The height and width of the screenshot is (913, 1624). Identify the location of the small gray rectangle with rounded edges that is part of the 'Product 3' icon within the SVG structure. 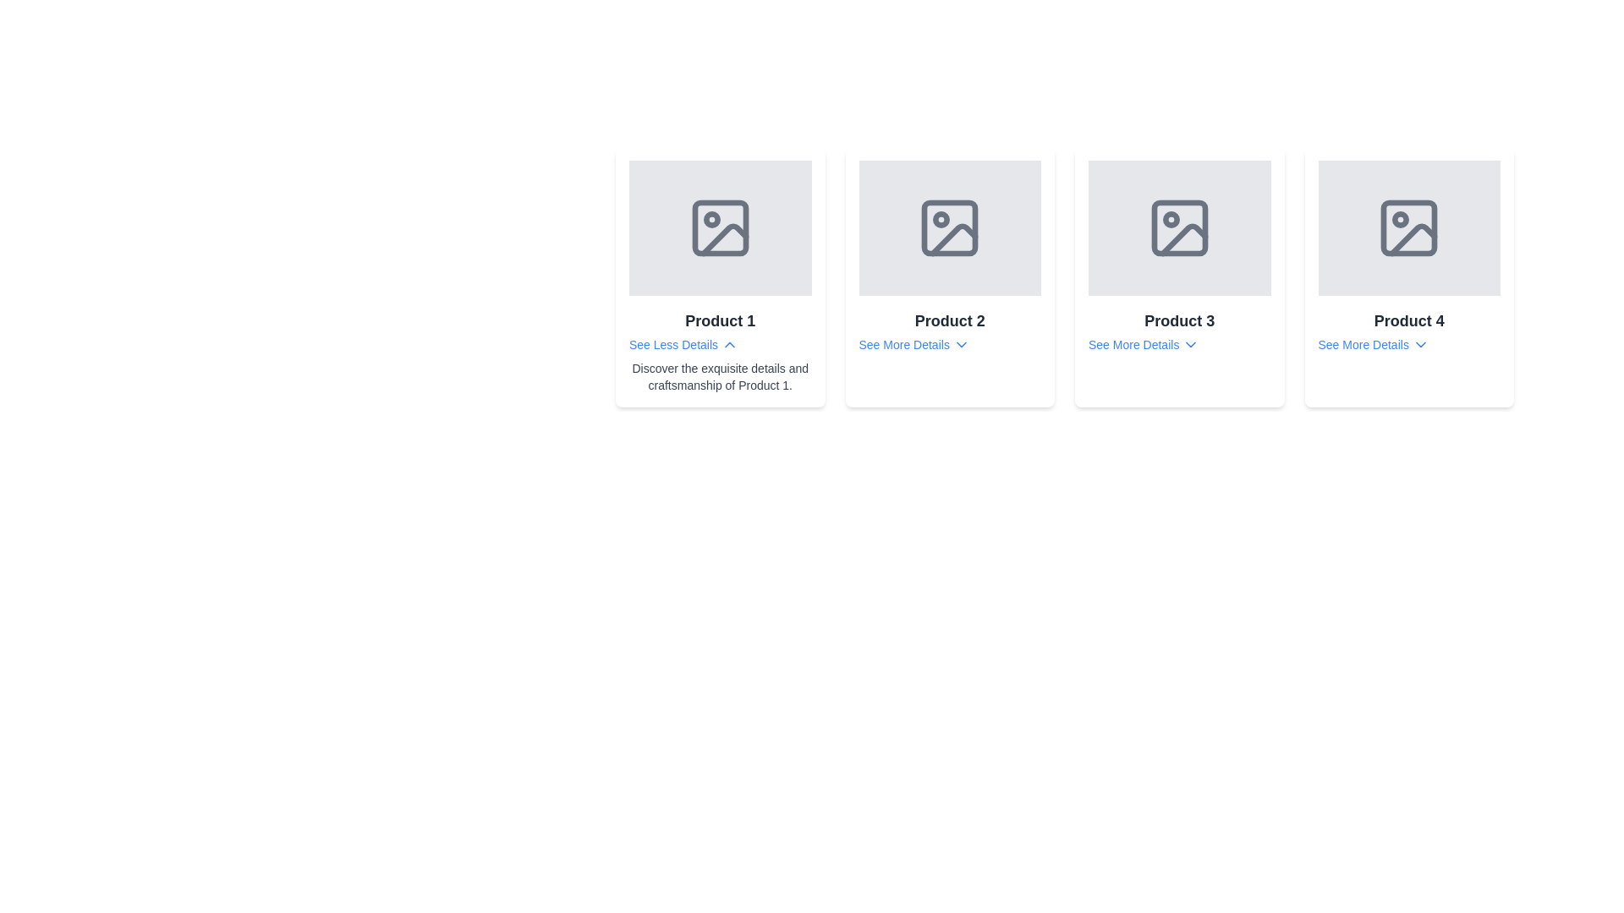
(1178, 228).